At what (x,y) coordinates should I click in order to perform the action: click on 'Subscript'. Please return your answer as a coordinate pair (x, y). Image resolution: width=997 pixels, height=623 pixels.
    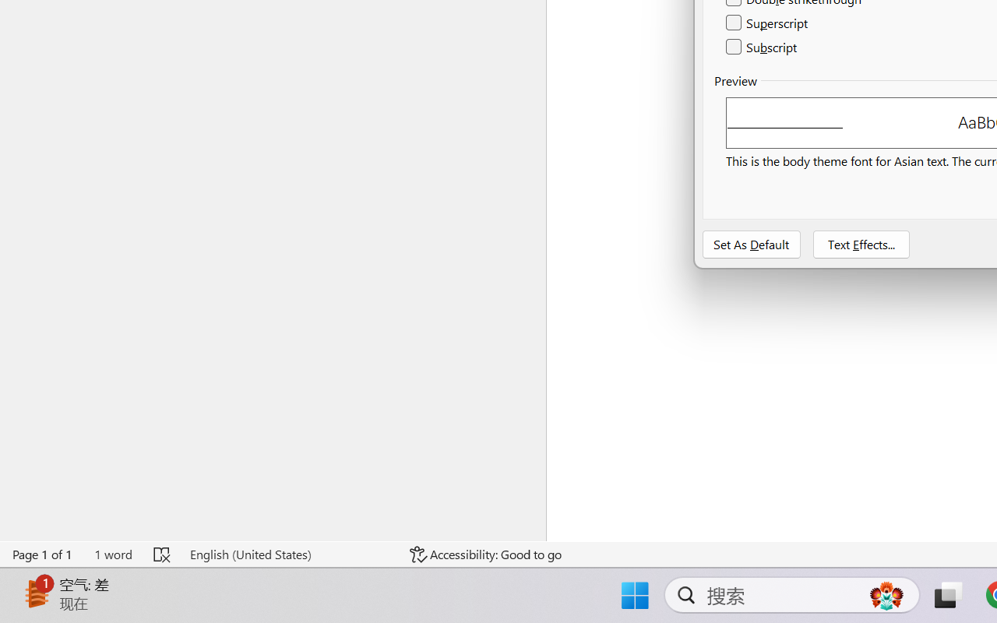
    Looking at the image, I should click on (763, 46).